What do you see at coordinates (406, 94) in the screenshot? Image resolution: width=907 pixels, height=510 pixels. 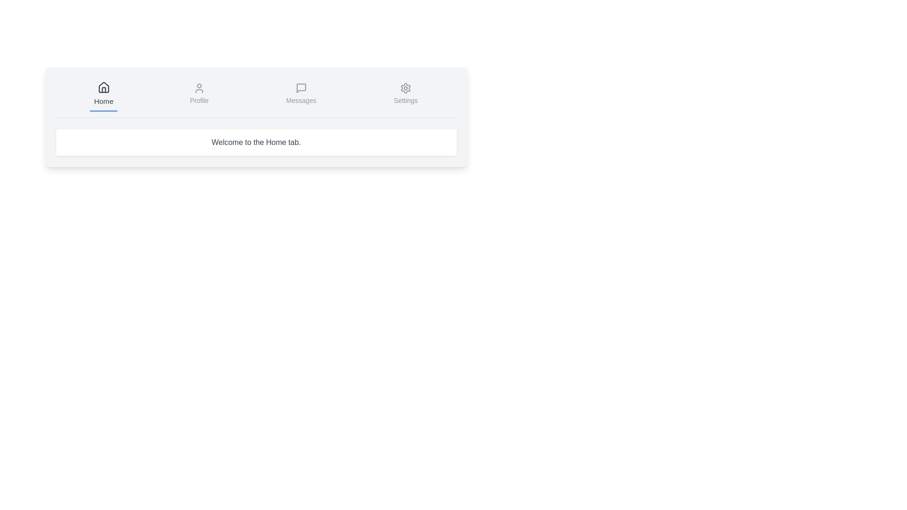 I see `the tab button labeled Settings` at bounding box center [406, 94].